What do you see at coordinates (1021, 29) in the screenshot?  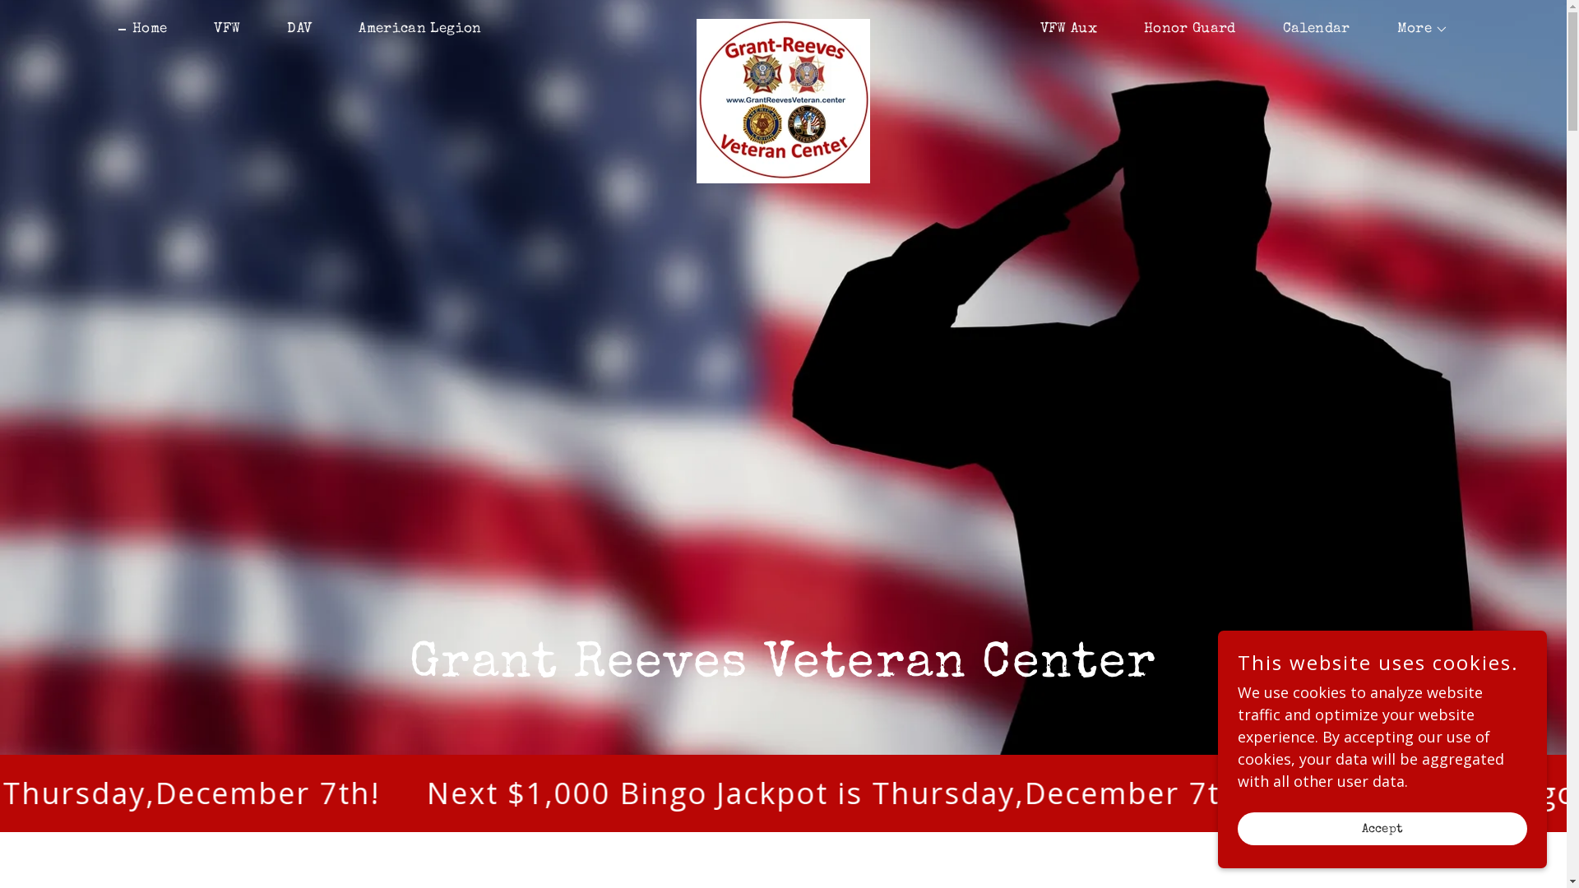 I see `'VFW Aux'` at bounding box center [1021, 29].